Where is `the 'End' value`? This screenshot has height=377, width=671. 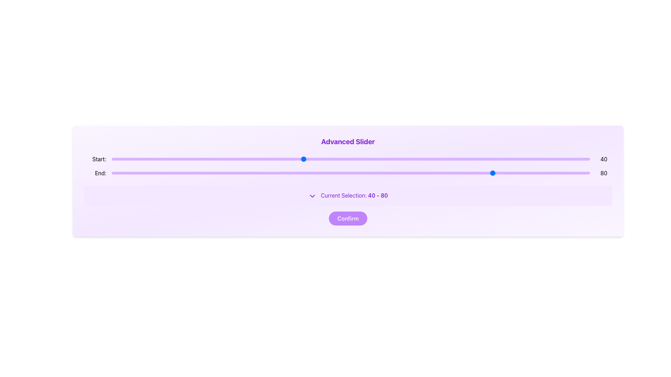
the 'End' value is located at coordinates (403, 173).